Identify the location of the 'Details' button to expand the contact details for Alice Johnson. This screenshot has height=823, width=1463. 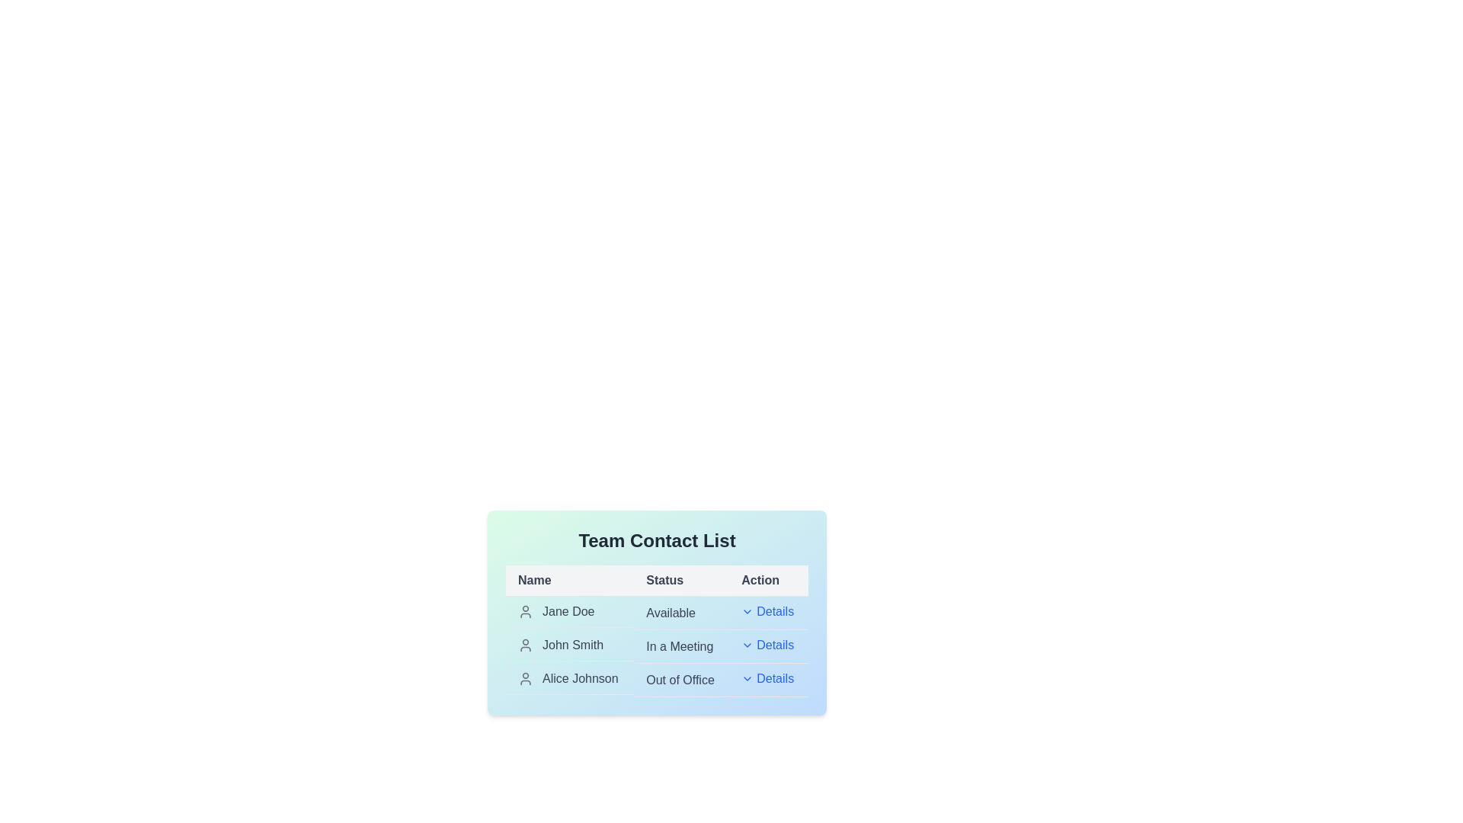
(767, 678).